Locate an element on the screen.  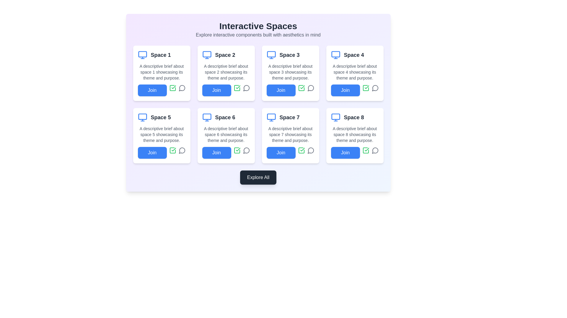
the 'Explore All' button at the bottom center of the card layout is located at coordinates (258, 177).